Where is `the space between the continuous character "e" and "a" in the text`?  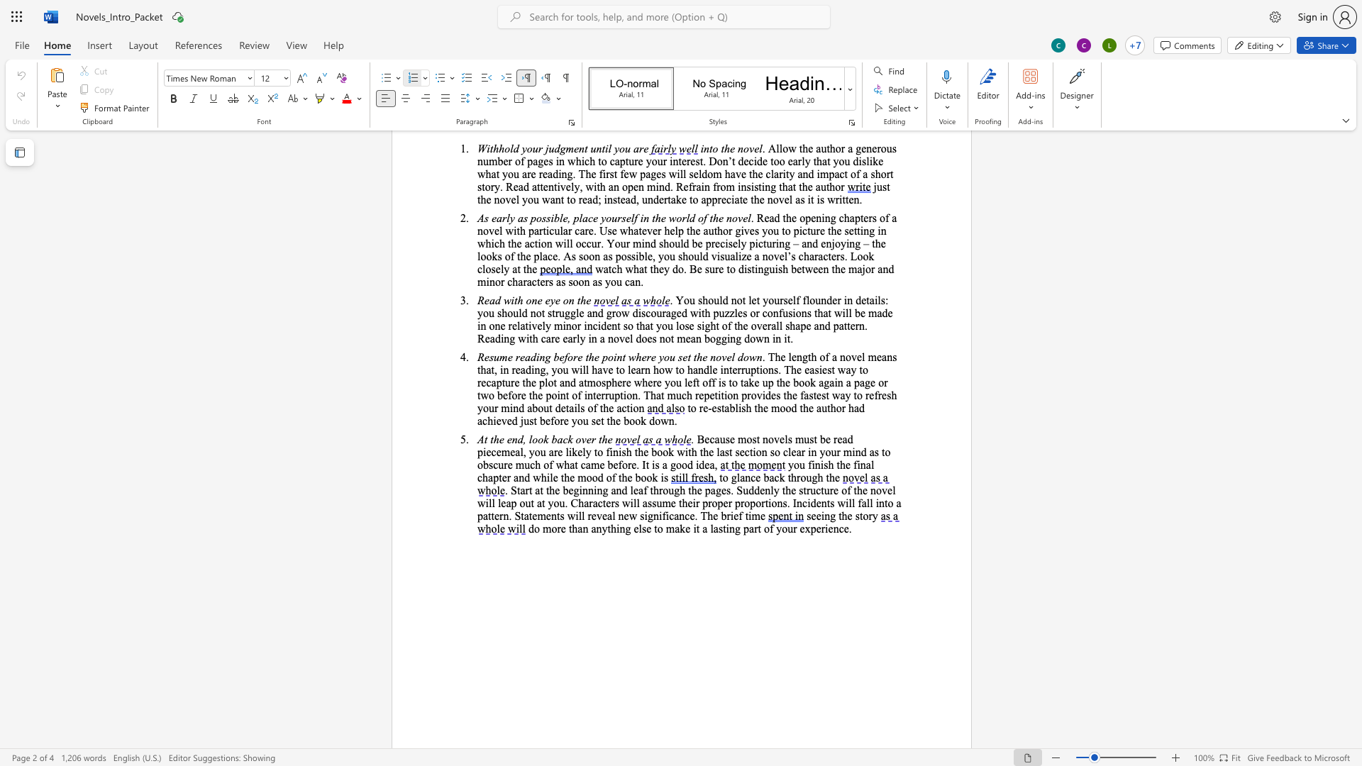
the space between the continuous character "e" and "a" in the text is located at coordinates (709, 465).